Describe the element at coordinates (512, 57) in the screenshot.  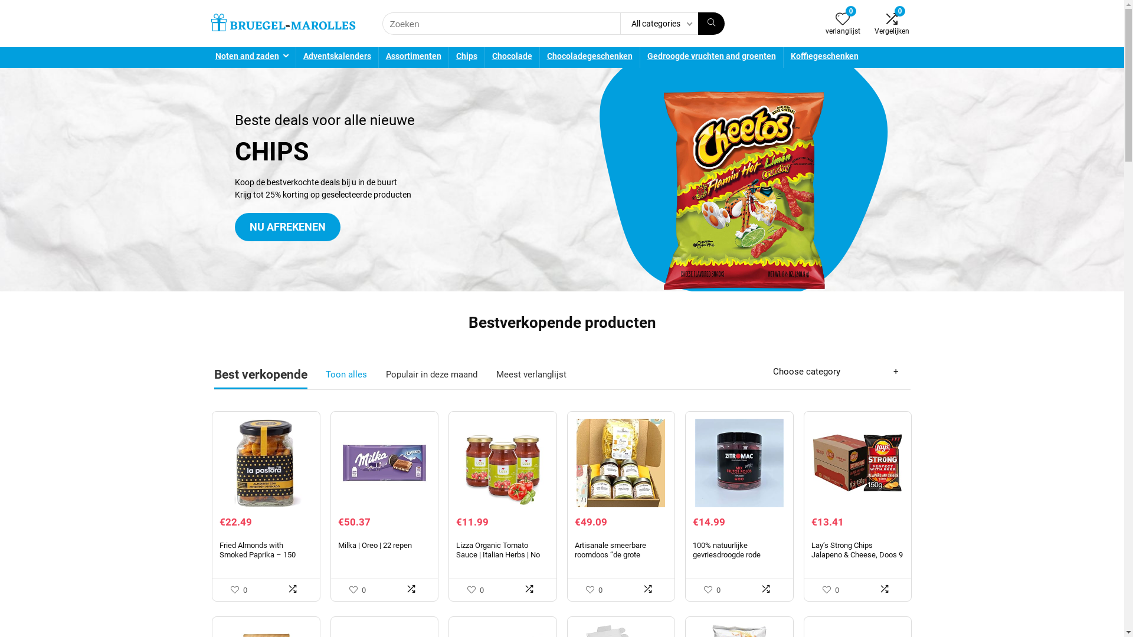
I see `'Chocolade'` at that location.